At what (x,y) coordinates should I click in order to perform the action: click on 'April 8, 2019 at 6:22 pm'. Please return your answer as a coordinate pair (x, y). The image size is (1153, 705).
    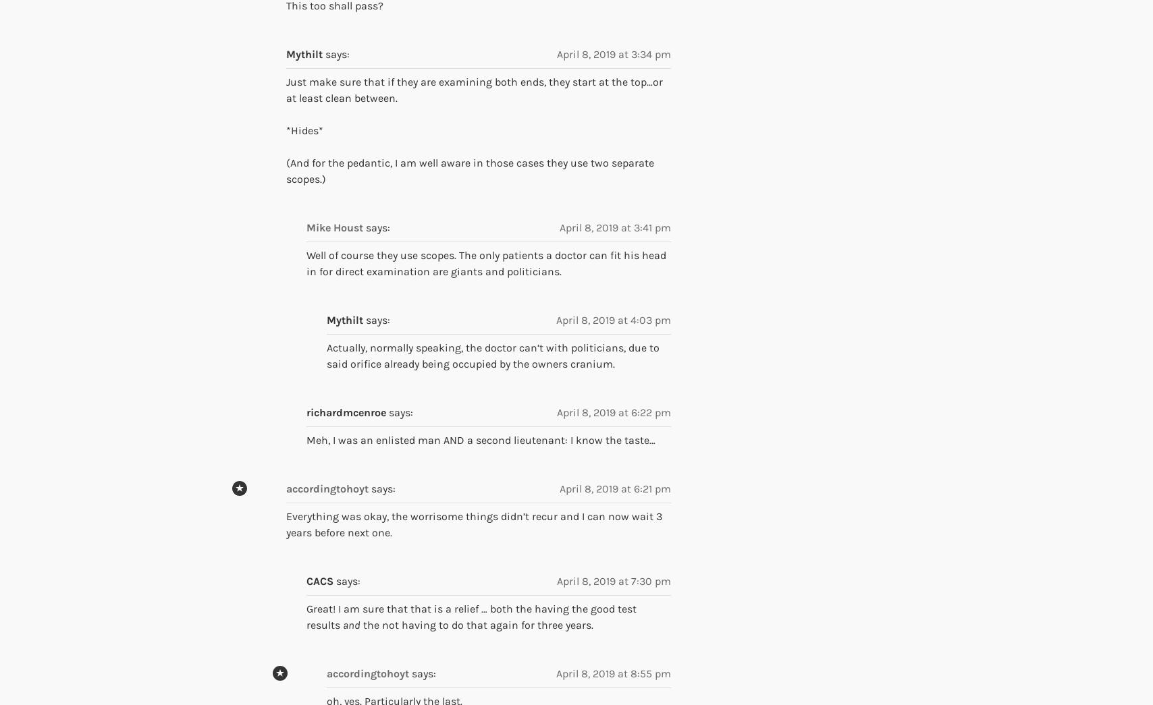
    Looking at the image, I should click on (614, 411).